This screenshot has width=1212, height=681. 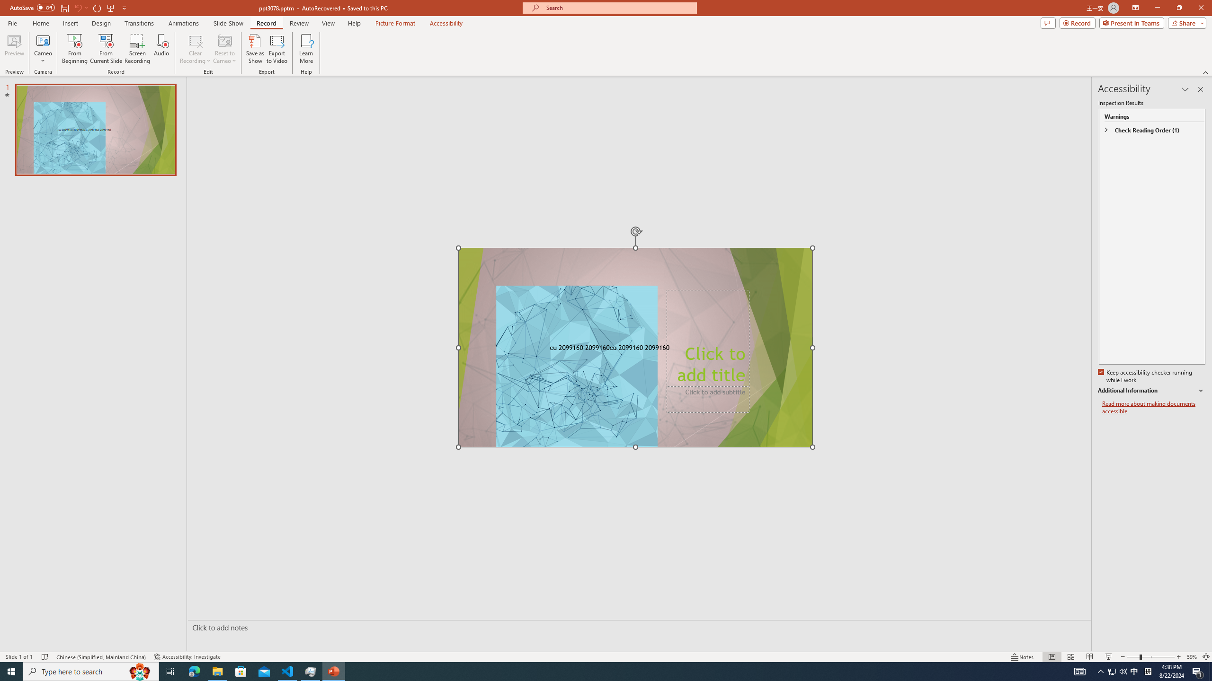 What do you see at coordinates (195, 49) in the screenshot?
I see `'Clear Recording'` at bounding box center [195, 49].